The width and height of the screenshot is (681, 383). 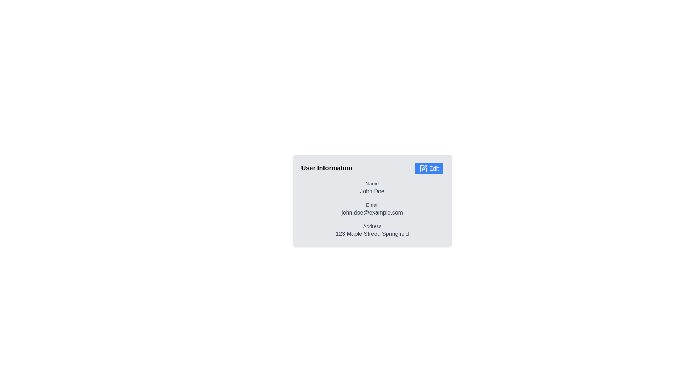 What do you see at coordinates (372, 231) in the screenshot?
I see `the 'Address' text label displaying '123 Maple Street, Springfield', located at the bottom of the user information card, following the 'Email' entry` at bounding box center [372, 231].